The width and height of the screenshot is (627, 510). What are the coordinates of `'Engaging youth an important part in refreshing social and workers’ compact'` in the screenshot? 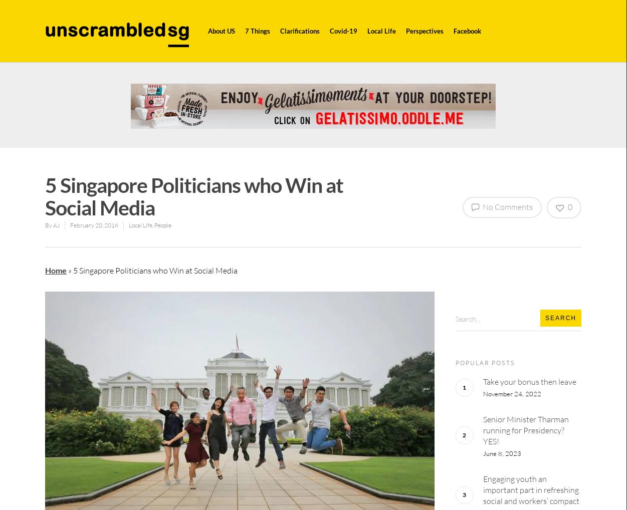 It's located at (530, 489).